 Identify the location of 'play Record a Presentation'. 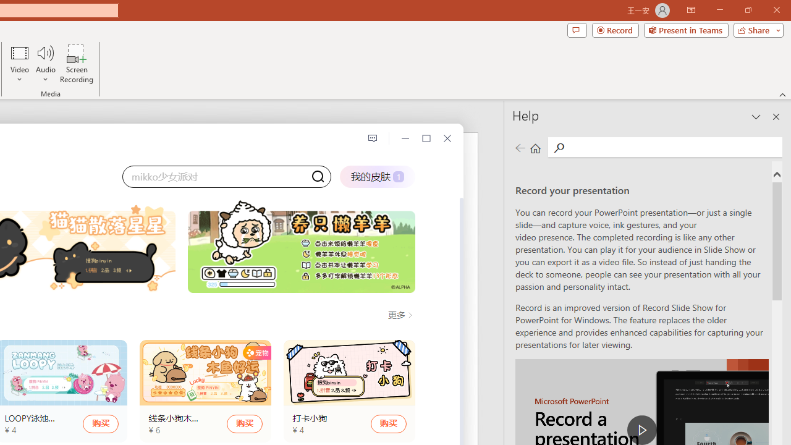
(641, 429).